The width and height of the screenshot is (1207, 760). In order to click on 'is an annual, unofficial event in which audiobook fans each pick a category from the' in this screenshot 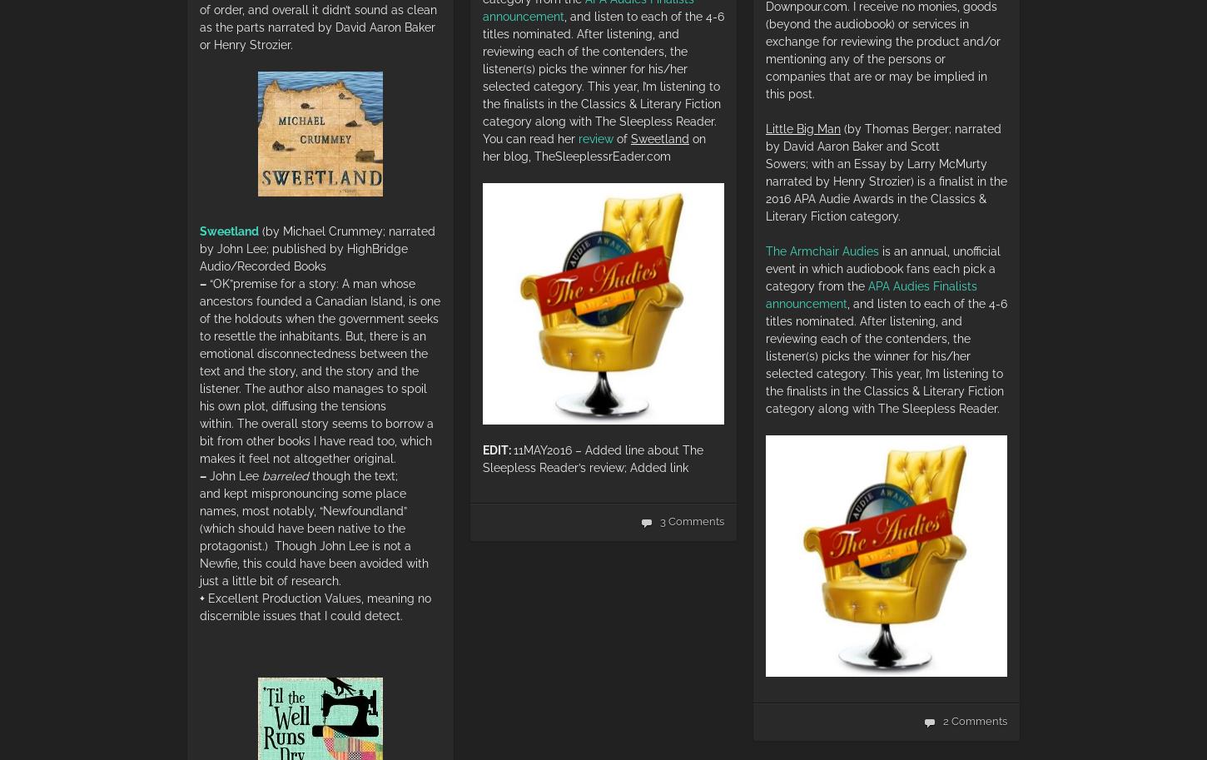, I will do `click(882, 267)`.